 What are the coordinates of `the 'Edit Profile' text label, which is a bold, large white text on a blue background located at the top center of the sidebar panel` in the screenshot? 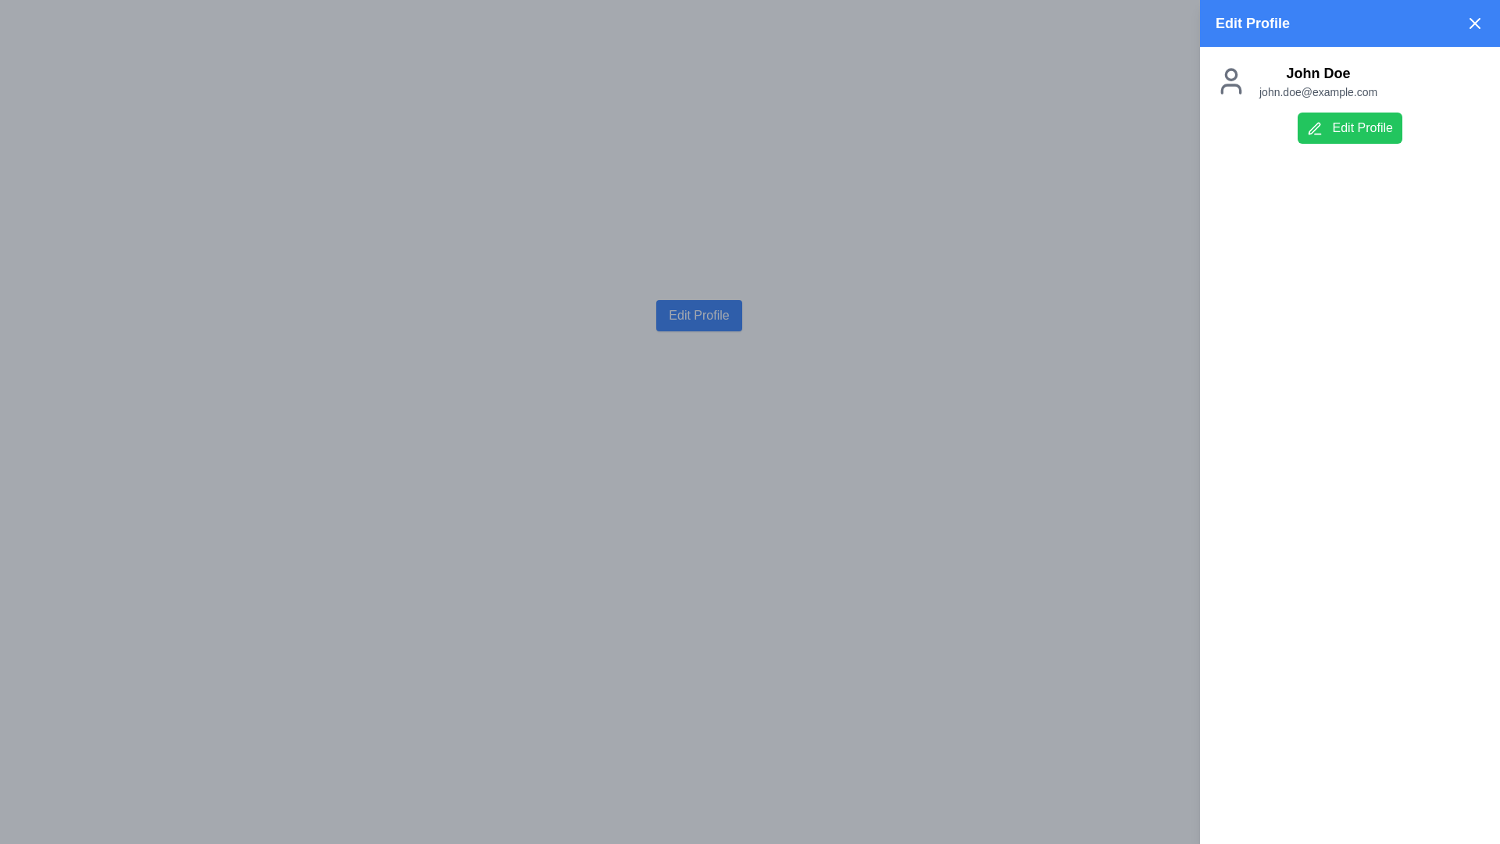 It's located at (1252, 23).